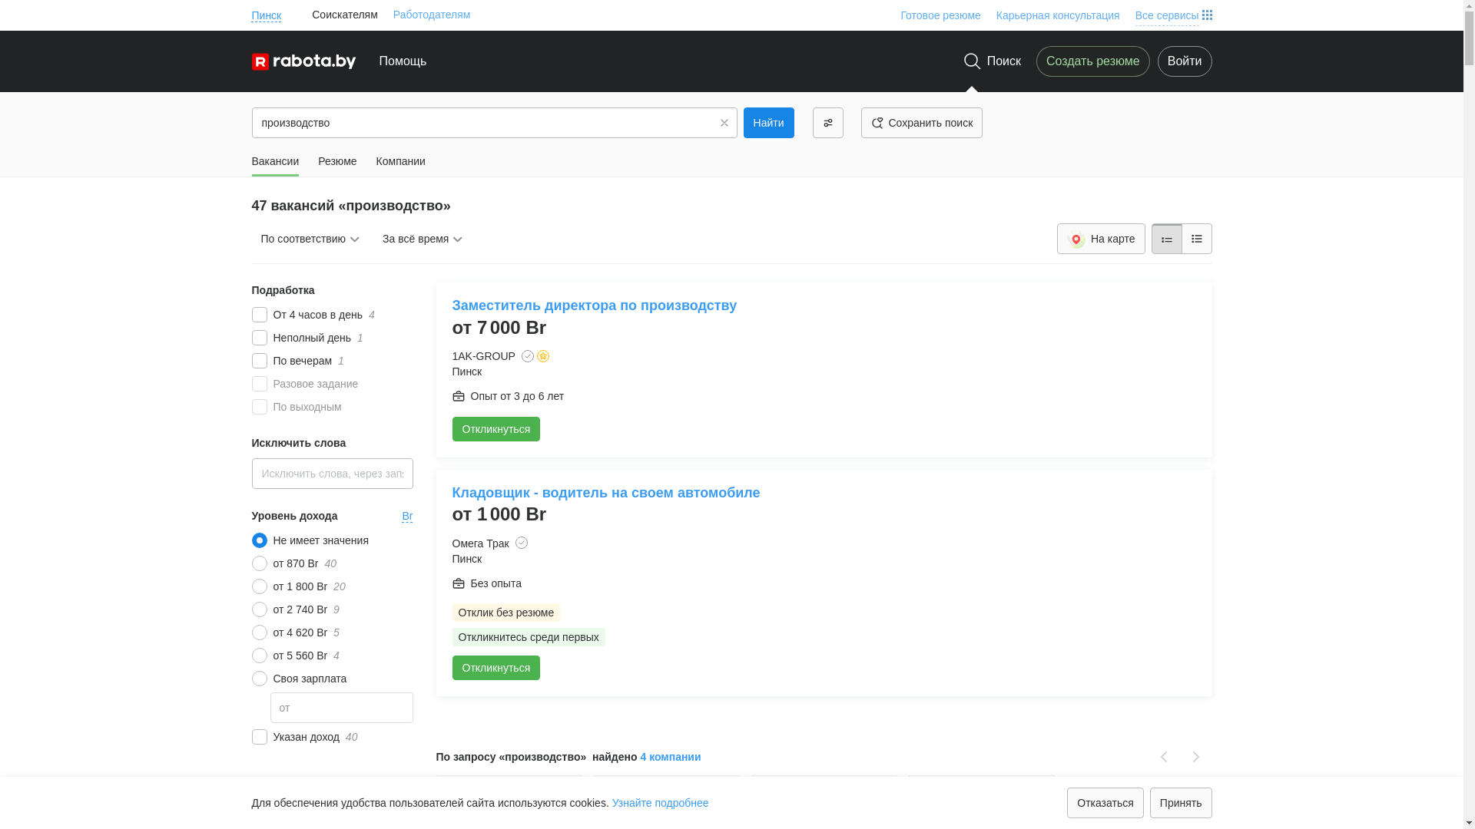 This screenshot has width=1475, height=829. Describe the element at coordinates (408, 515) in the screenshot. I see `'Br'` at that location.